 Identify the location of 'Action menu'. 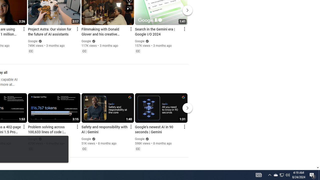
(184, 126).